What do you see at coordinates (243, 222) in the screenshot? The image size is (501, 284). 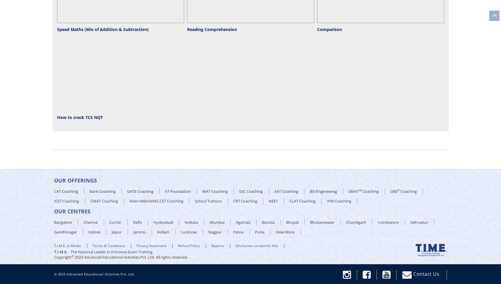 I see `'Agartala'` at bounding box center [243, 222].